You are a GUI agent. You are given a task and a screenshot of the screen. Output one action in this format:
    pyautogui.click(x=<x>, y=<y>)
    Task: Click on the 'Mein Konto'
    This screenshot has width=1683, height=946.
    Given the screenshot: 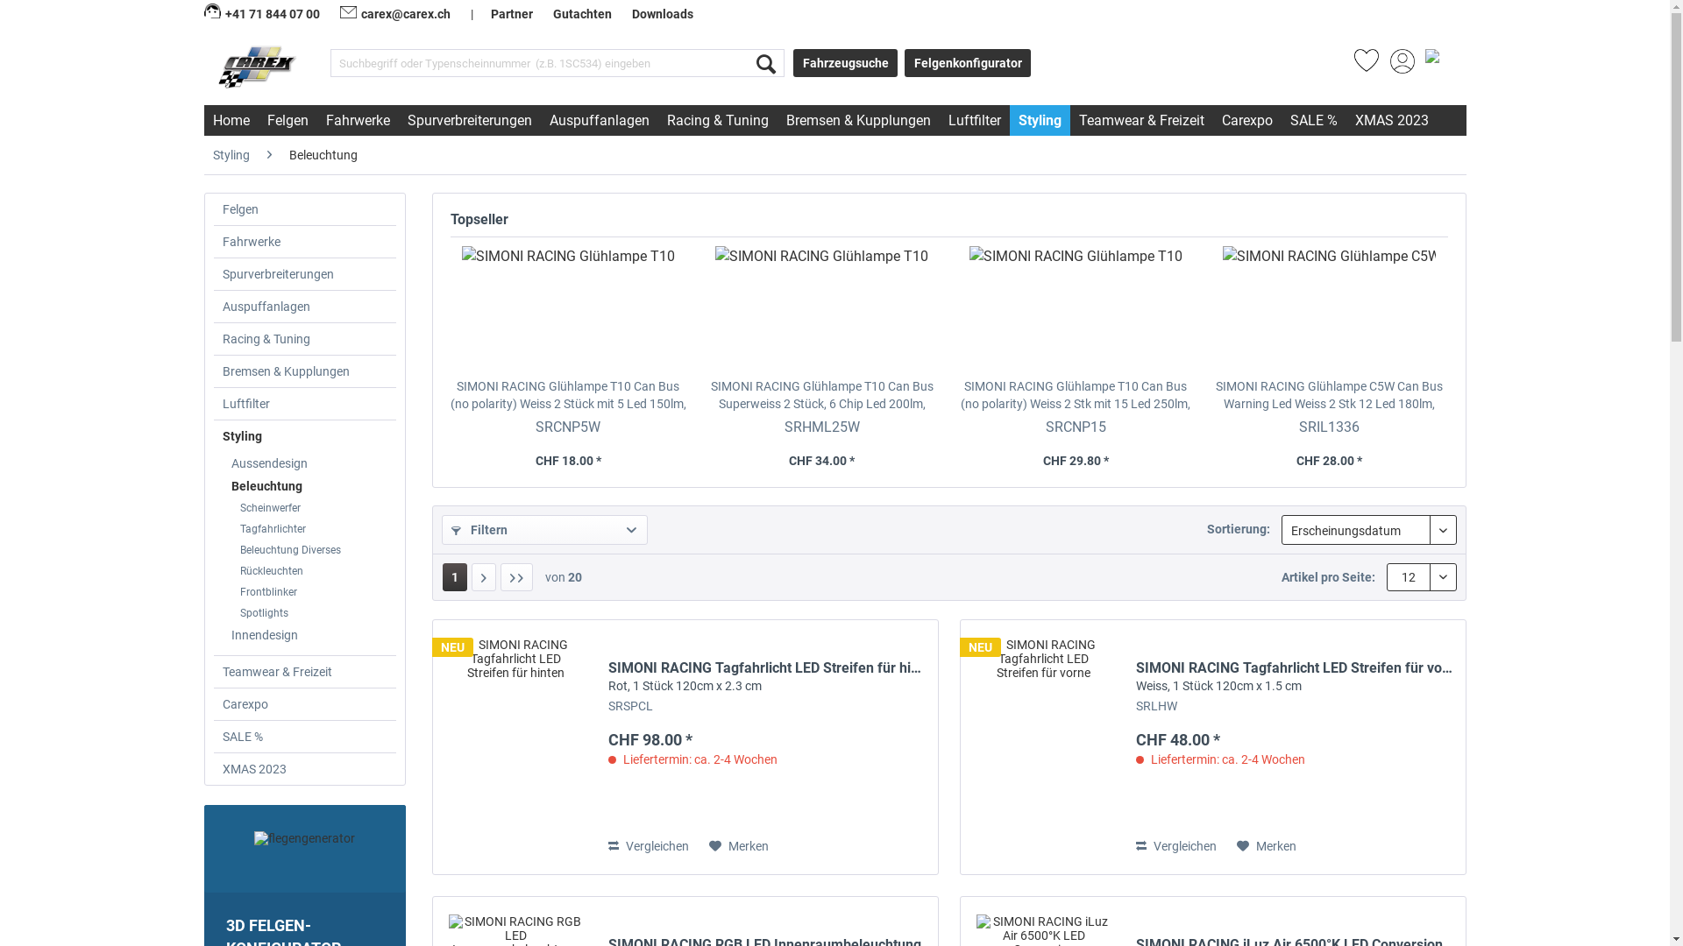 What is the action you would take?
    pyautogui.click(x=1388, y=66)
    